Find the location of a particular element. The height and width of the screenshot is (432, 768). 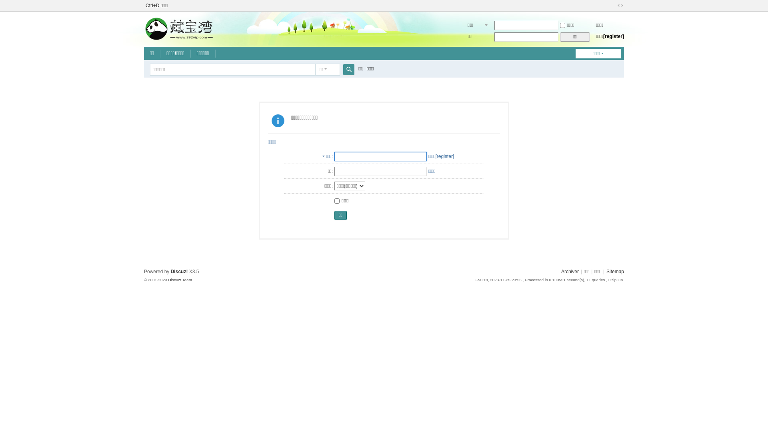

'Archiver' is located at coordinates (570, 271).